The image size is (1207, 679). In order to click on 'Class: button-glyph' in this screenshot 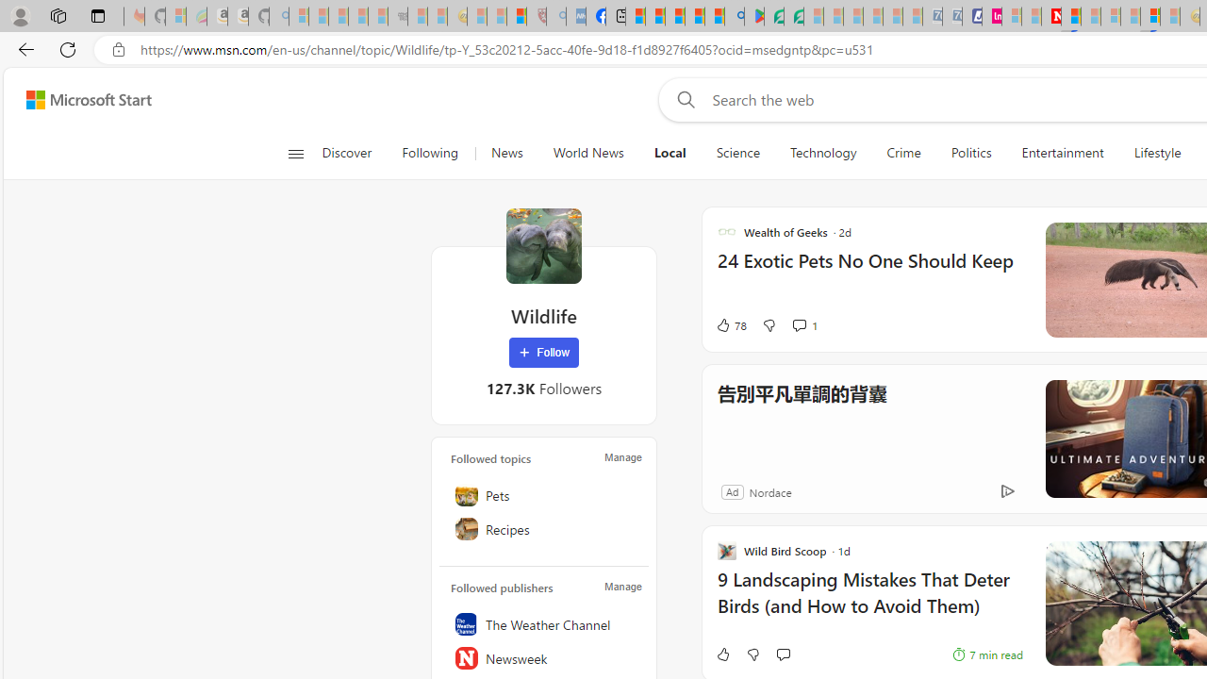, I will do `click(294, 153)`.